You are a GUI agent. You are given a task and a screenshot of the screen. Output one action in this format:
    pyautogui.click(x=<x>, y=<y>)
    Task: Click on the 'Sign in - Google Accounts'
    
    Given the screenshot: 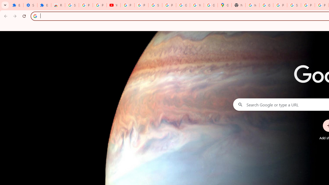 What is the action you would take?
    pyautogui.click(x=294, y=5)
    